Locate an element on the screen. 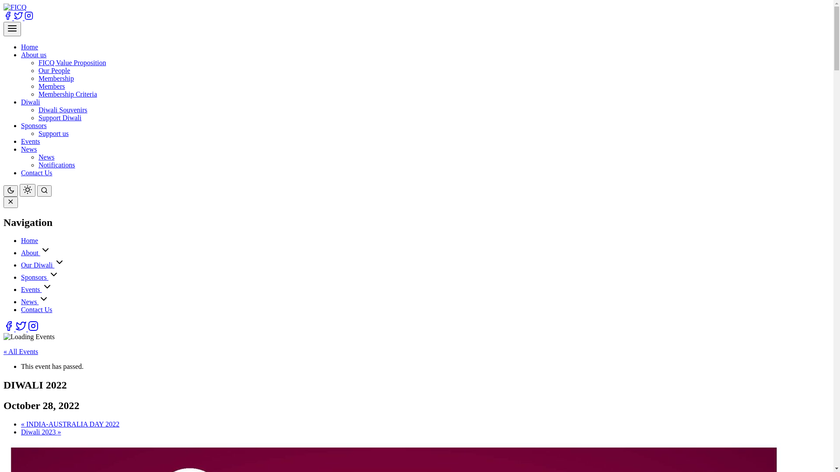 Image resolution: width=840 pixels, height=472 pixels. 'Support Diwali' is located at coordinates (59, 117).